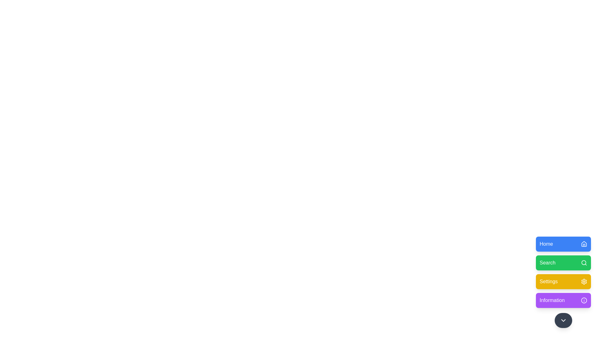 The image size is (601, 338). What do you see at coordinates (563, 300) in the screenshot?
I see `the menu option Information from the floating menu` at bounding box center [563, 300].